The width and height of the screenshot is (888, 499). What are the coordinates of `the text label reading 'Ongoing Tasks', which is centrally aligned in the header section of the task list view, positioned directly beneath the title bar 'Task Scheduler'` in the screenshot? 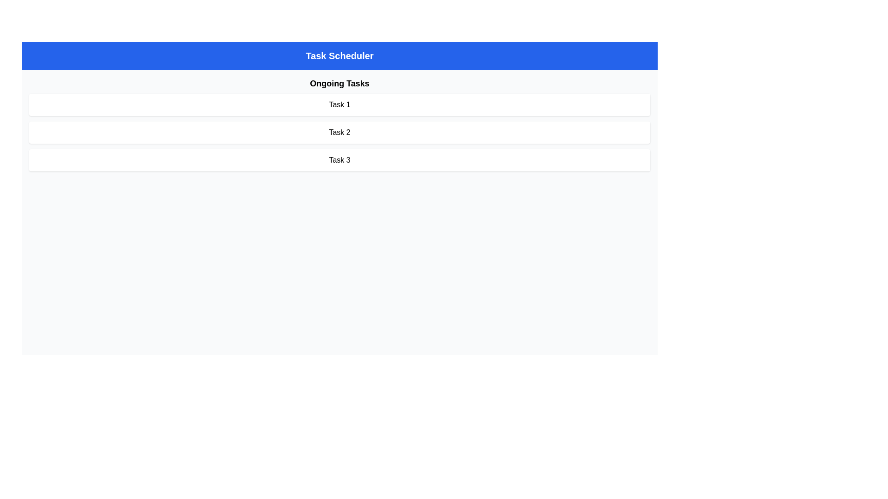 It's located at (339, 84).